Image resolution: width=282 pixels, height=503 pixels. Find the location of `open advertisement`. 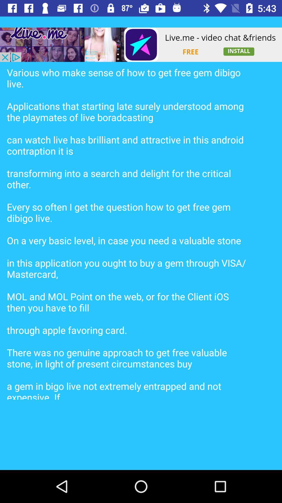

open advertisement is located at coordinates (141, 45).